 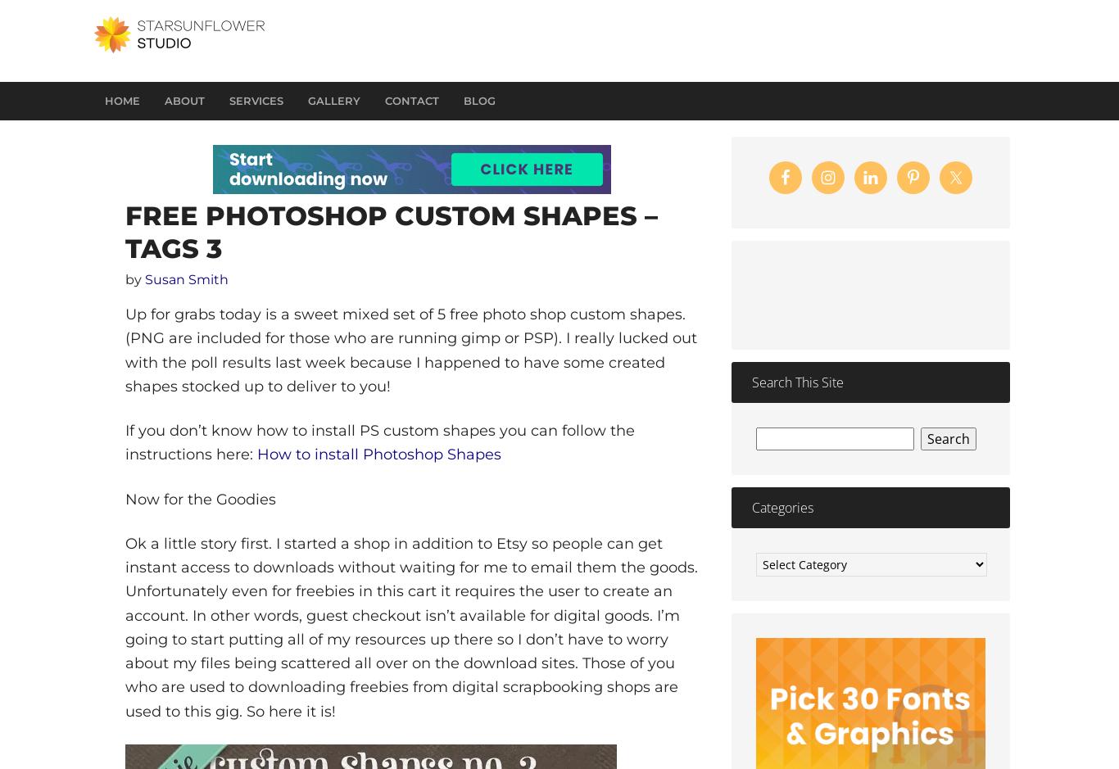 I want to click on 'Up for grabs today is a sweet mixed set of 5 free photo shop custom shapes. (PNG are included for those who are running gimp or PSP). I really lucked out with the poll results last week because I happened to have some created shapes stocked up to deliver to you!', so click(x=411, y=349).